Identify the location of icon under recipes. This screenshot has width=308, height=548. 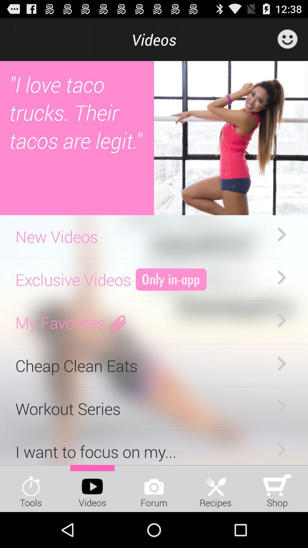
(216, 483).